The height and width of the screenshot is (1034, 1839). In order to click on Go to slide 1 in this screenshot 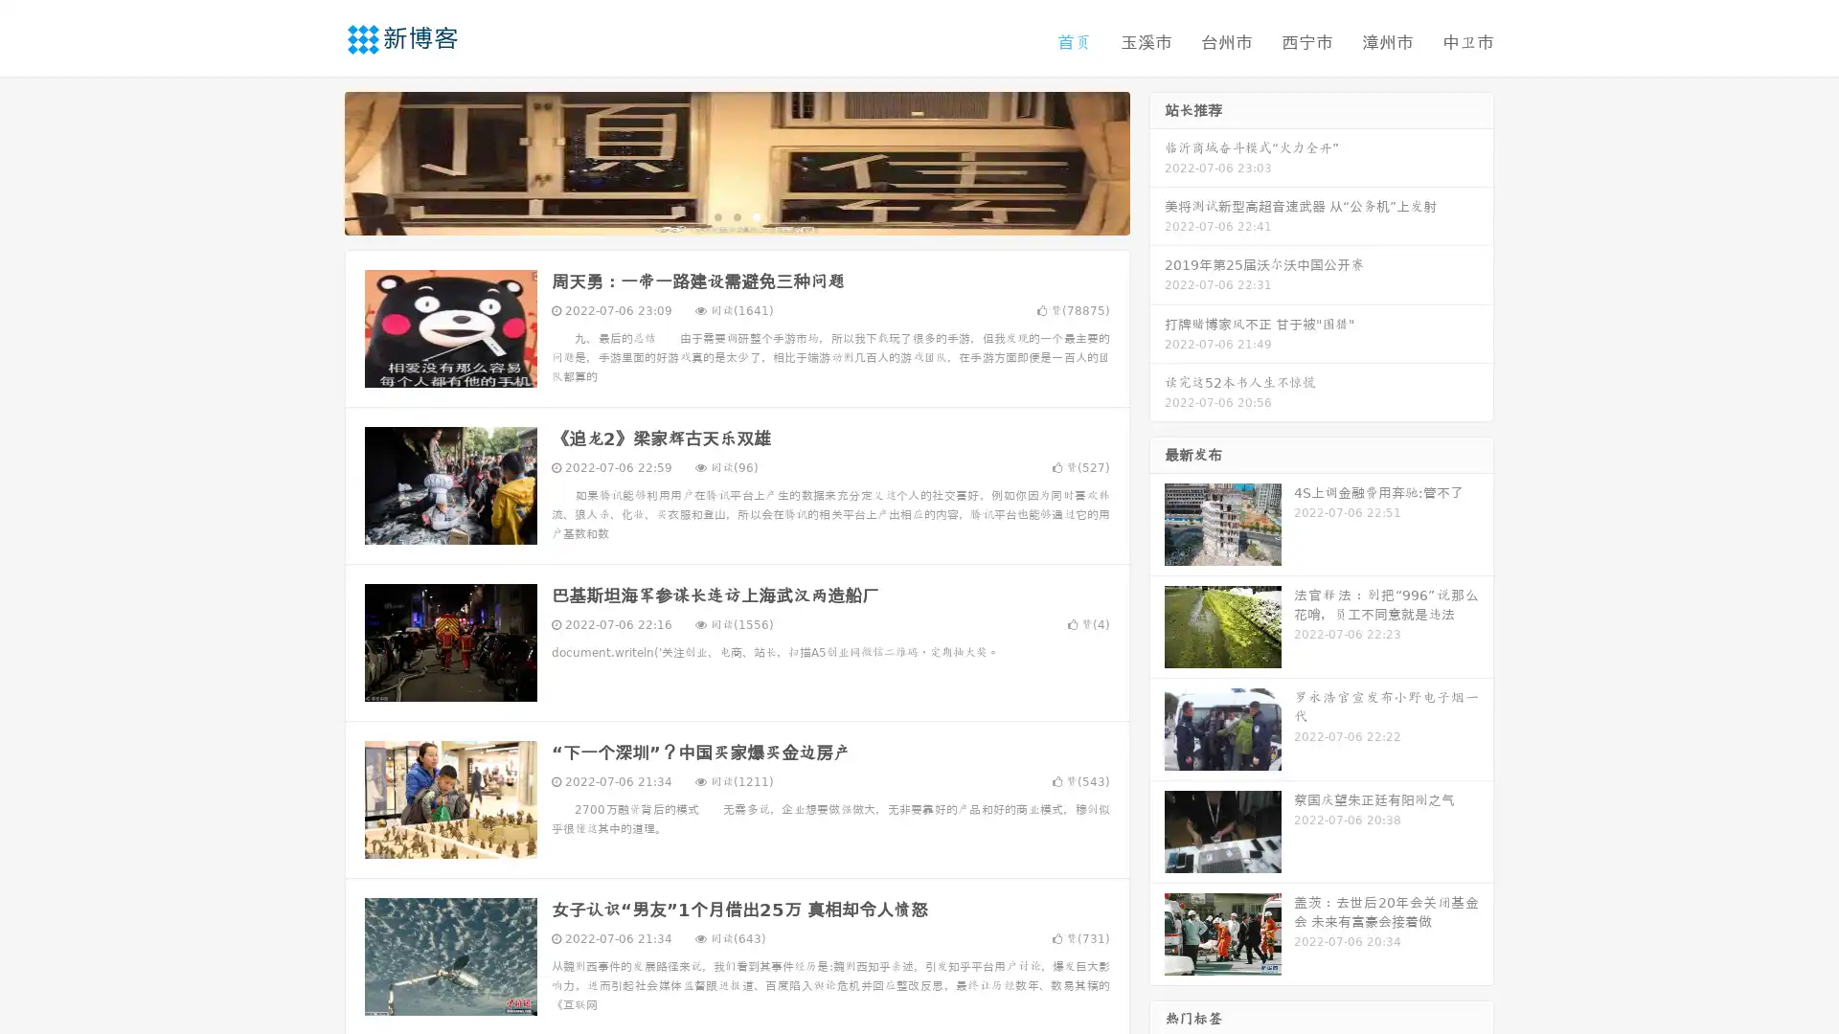, I will do `click(716, 215)`.